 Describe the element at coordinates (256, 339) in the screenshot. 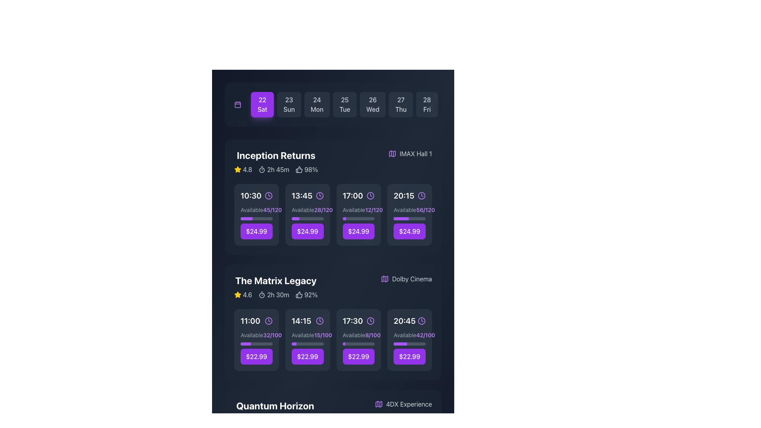

I see `the purple 'Select Seats' button with the sofa icon located at the lower section of the movie timing and seating display for 'The Matrix Legacy' at 11:00 to observe the hover effect` at that location.